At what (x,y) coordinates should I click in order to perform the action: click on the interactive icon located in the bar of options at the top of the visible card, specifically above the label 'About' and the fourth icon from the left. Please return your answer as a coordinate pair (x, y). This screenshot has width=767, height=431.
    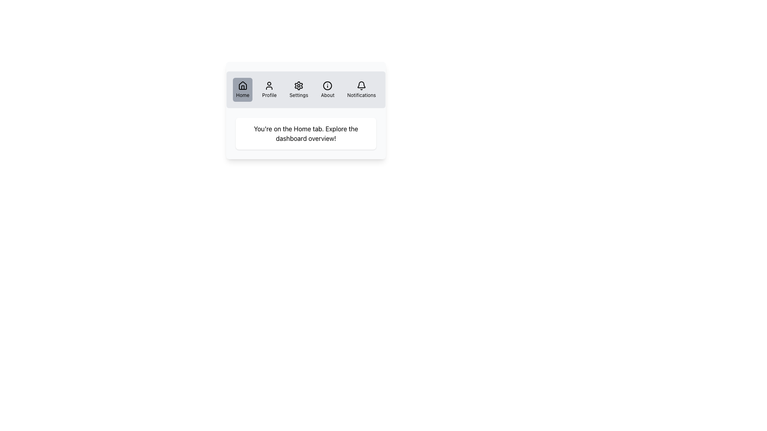
    Looking at the image, I should click on (328, 86).